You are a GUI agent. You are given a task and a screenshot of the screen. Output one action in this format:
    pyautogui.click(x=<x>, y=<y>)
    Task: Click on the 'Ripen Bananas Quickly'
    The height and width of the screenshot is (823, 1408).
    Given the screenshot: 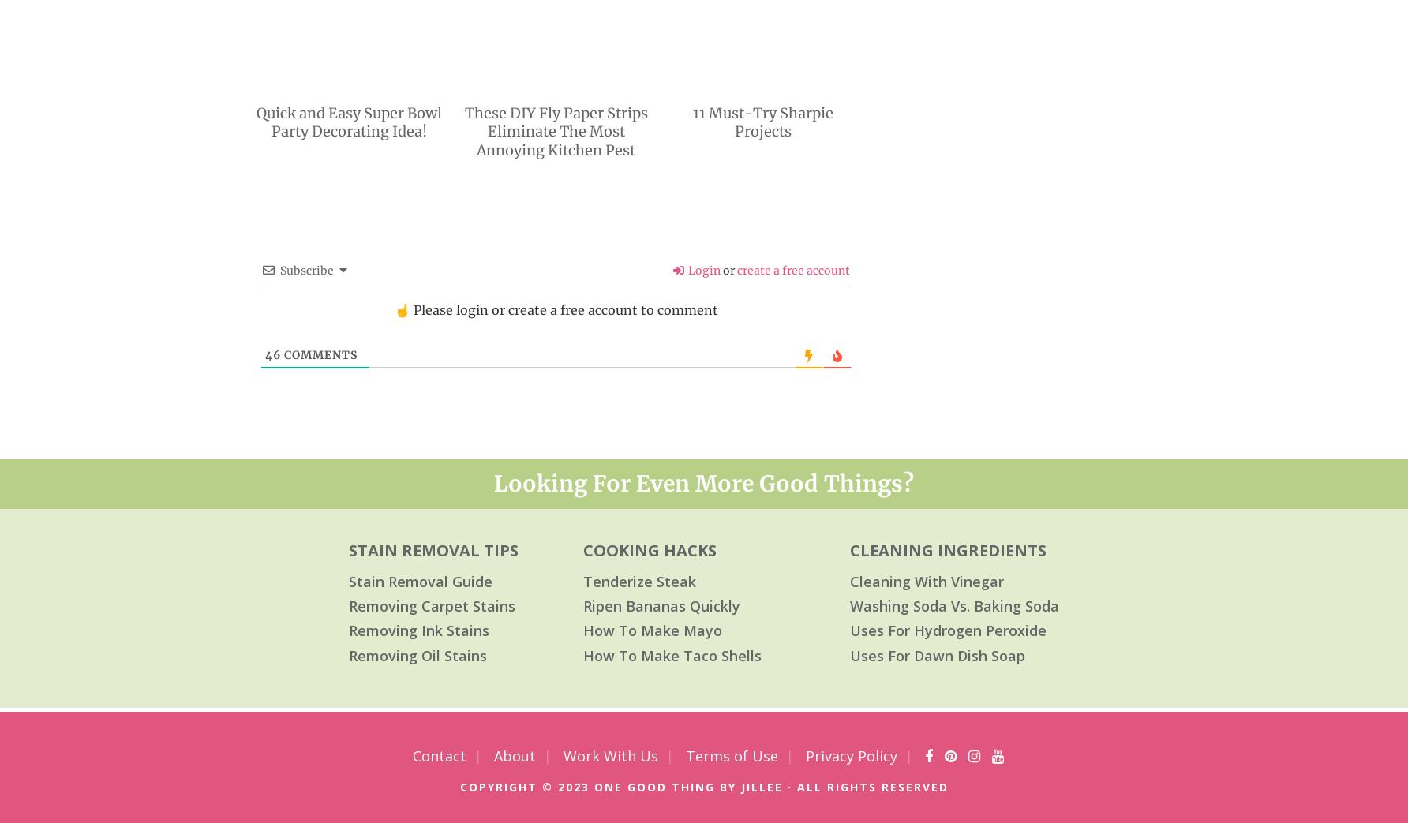 What is the action you would take?
    pyautogui.click(x=661, y=604)
    